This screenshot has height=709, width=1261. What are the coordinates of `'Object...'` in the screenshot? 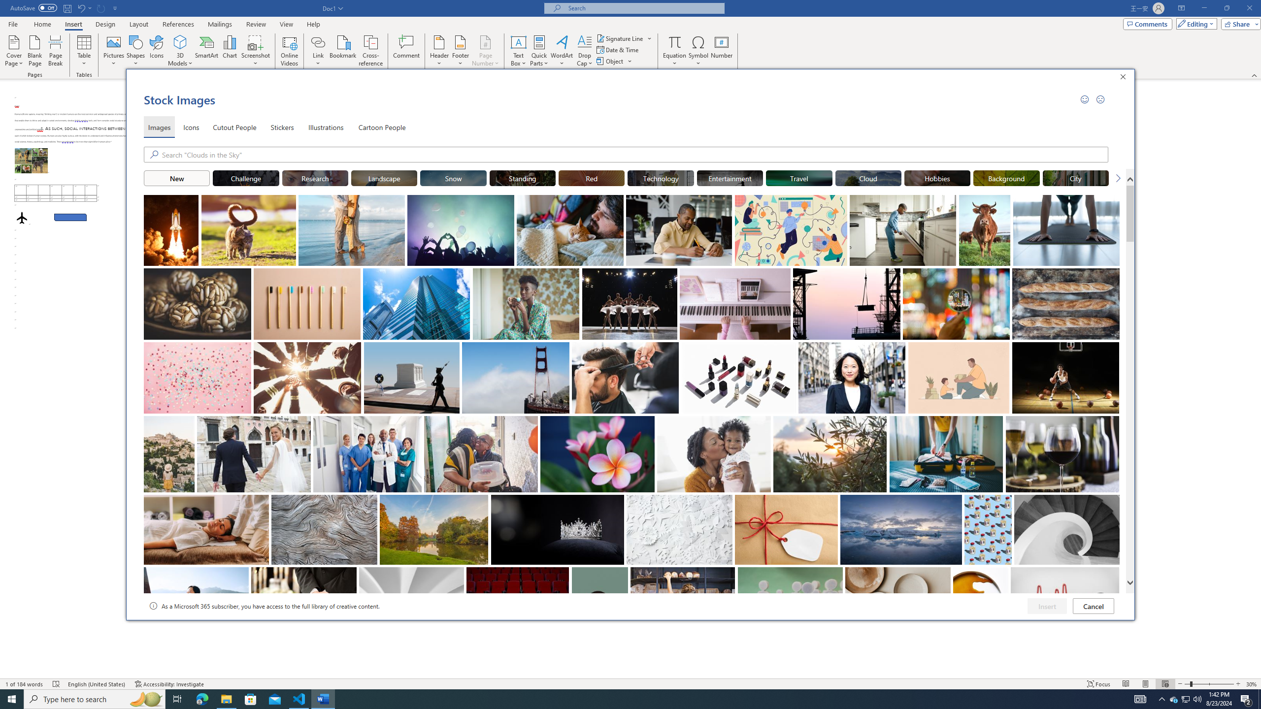 It's located at (610, 60).